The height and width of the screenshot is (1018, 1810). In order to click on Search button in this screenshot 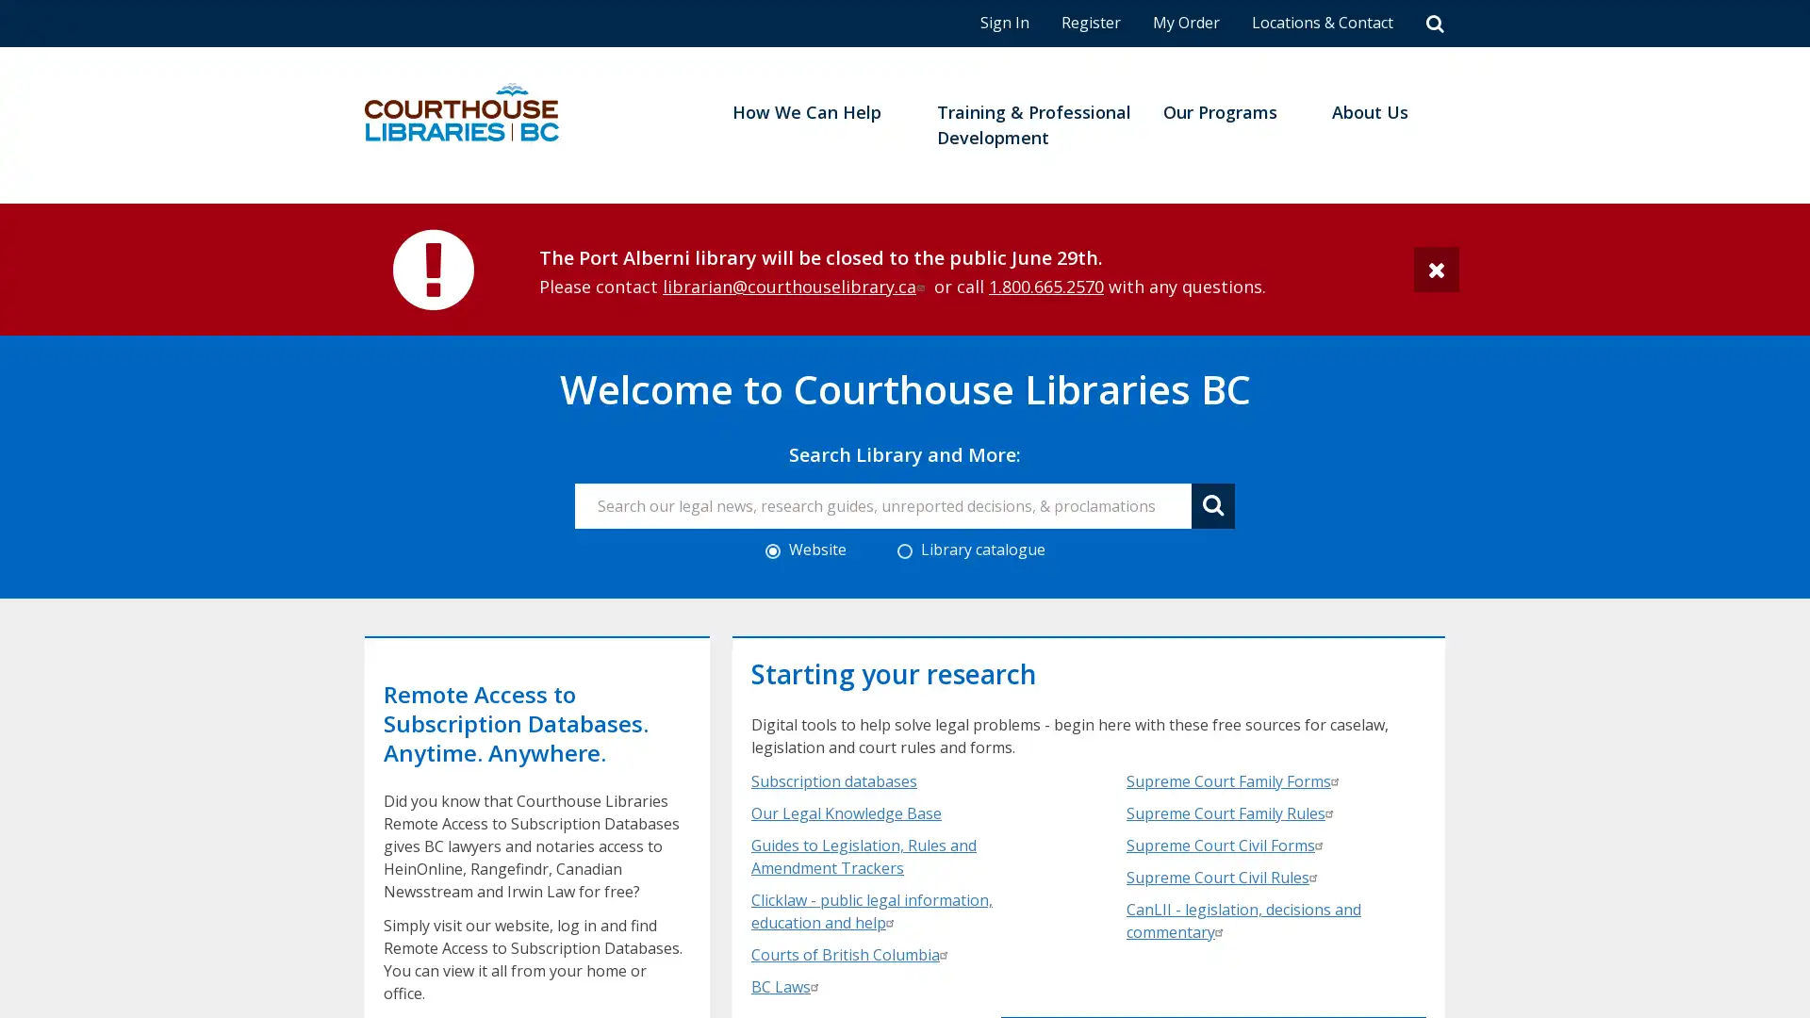, I will do `click(1212, 504)`.